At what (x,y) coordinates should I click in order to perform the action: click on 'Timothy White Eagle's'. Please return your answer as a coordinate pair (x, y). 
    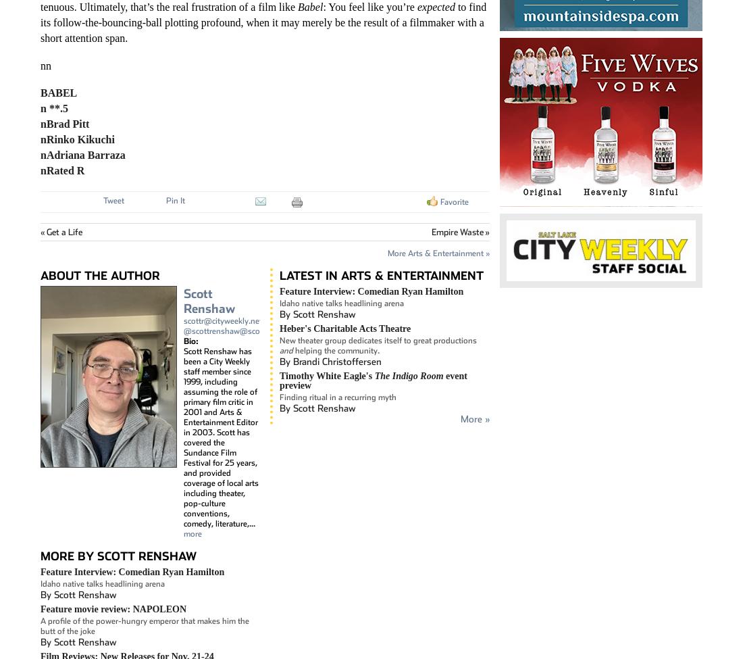
    Looking at the image, I should click on (327, 374).